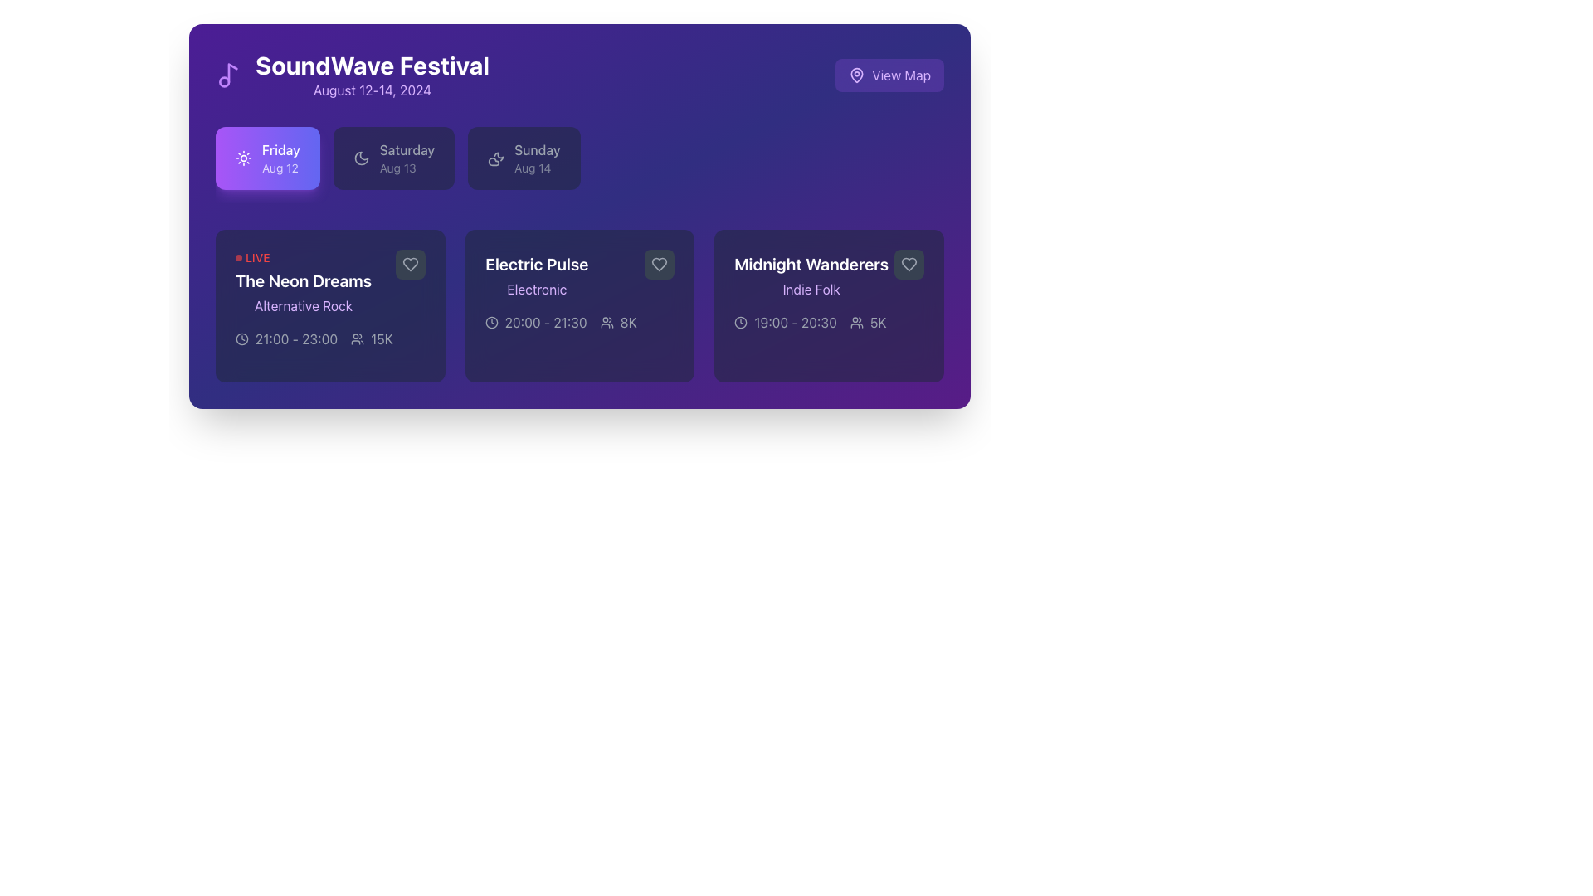 Image resolution: width=1593 pixels, height=896 pixels. Describe the element at coordinates (410, 264) in the screenshot. I see `the heart icon with a gray outline located in the top-right corner of the card for 'The Neon Dreams' under the 'Friday, Aug 12' section` at that location.